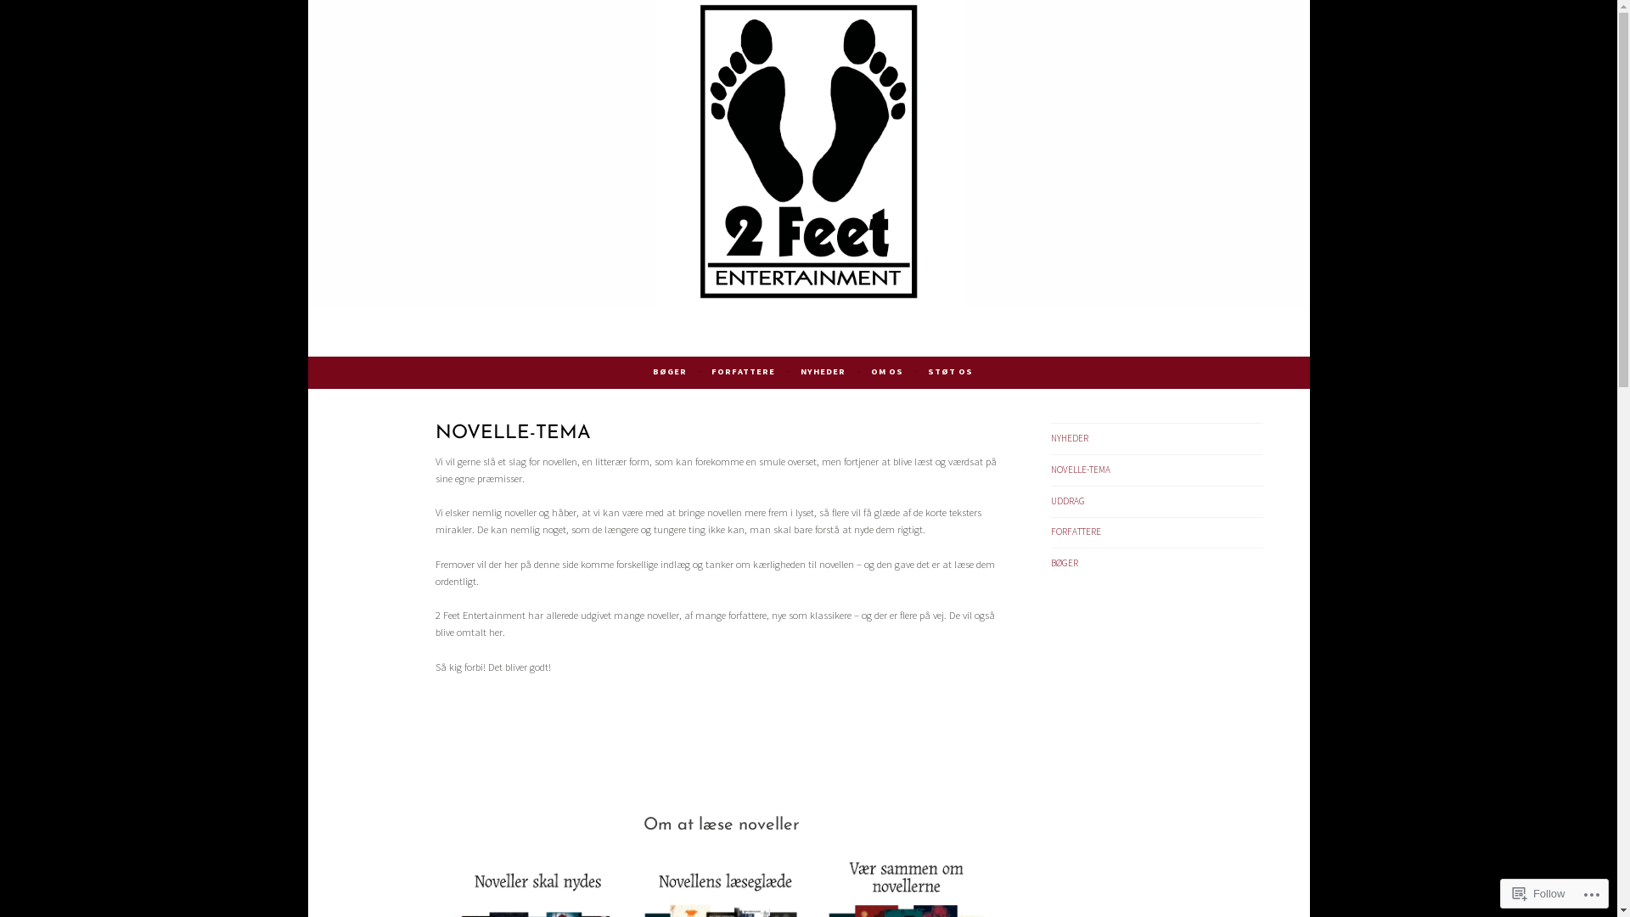  Describe the element at coordinates (886, 371) in the screenshot. I see `'OM OS'` at that location.